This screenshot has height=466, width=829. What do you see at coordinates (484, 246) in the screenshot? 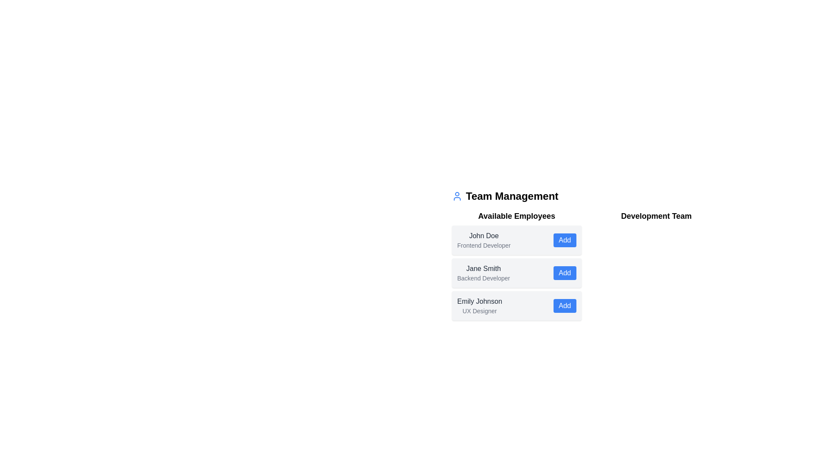
I see `the text label stating 'Frontend Developer' located below 'John Doe' in the 'Available Employees' section of the left panel` at bounding box center [484, 246].